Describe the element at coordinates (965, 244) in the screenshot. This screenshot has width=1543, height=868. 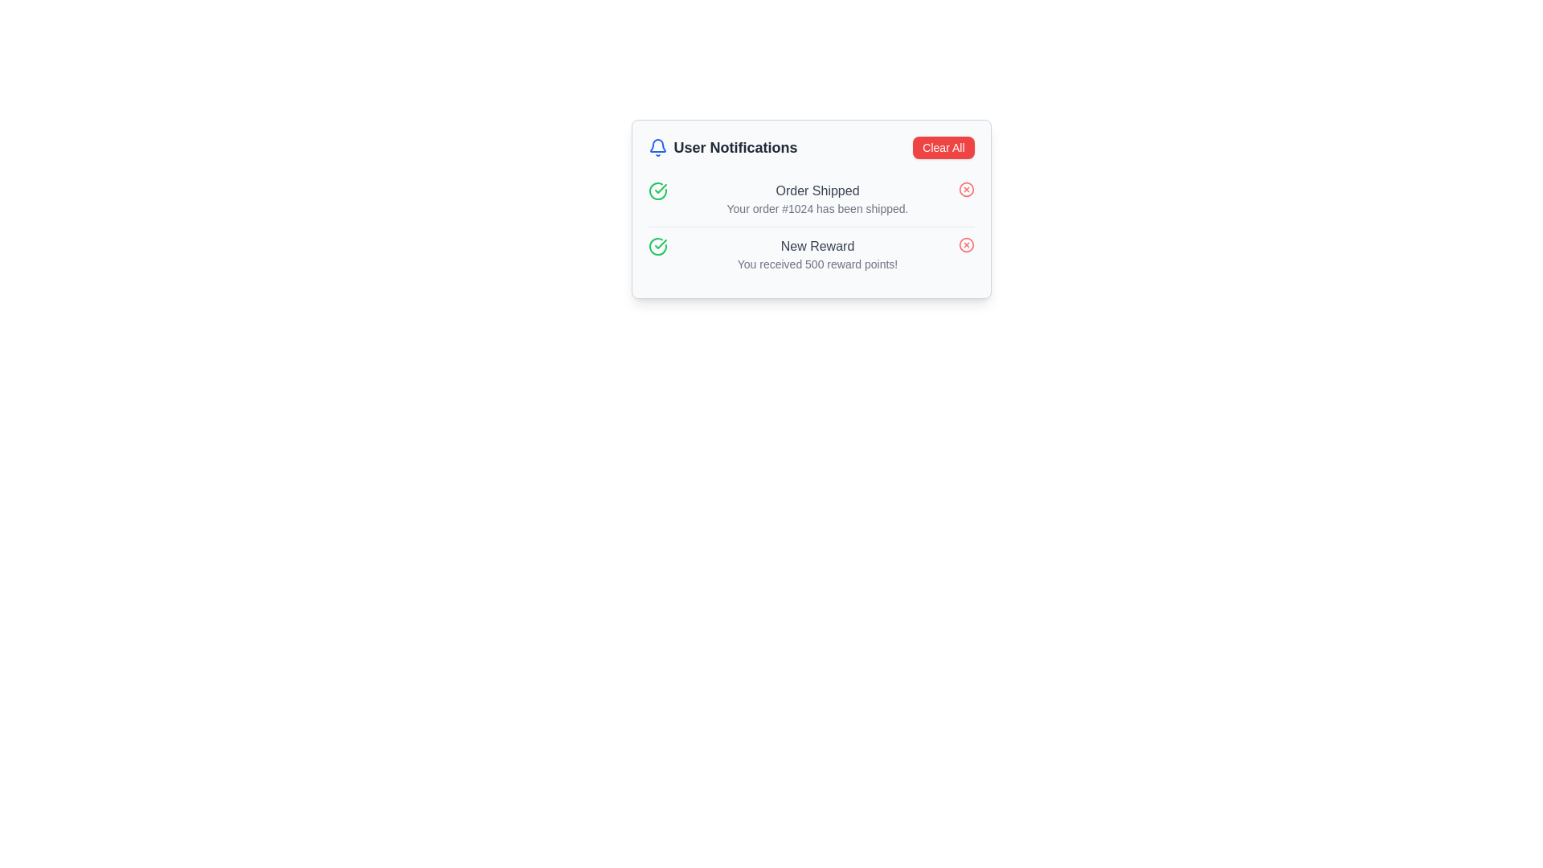
I see `the red circular close button associated with the 'New Reward' notification` at that location.